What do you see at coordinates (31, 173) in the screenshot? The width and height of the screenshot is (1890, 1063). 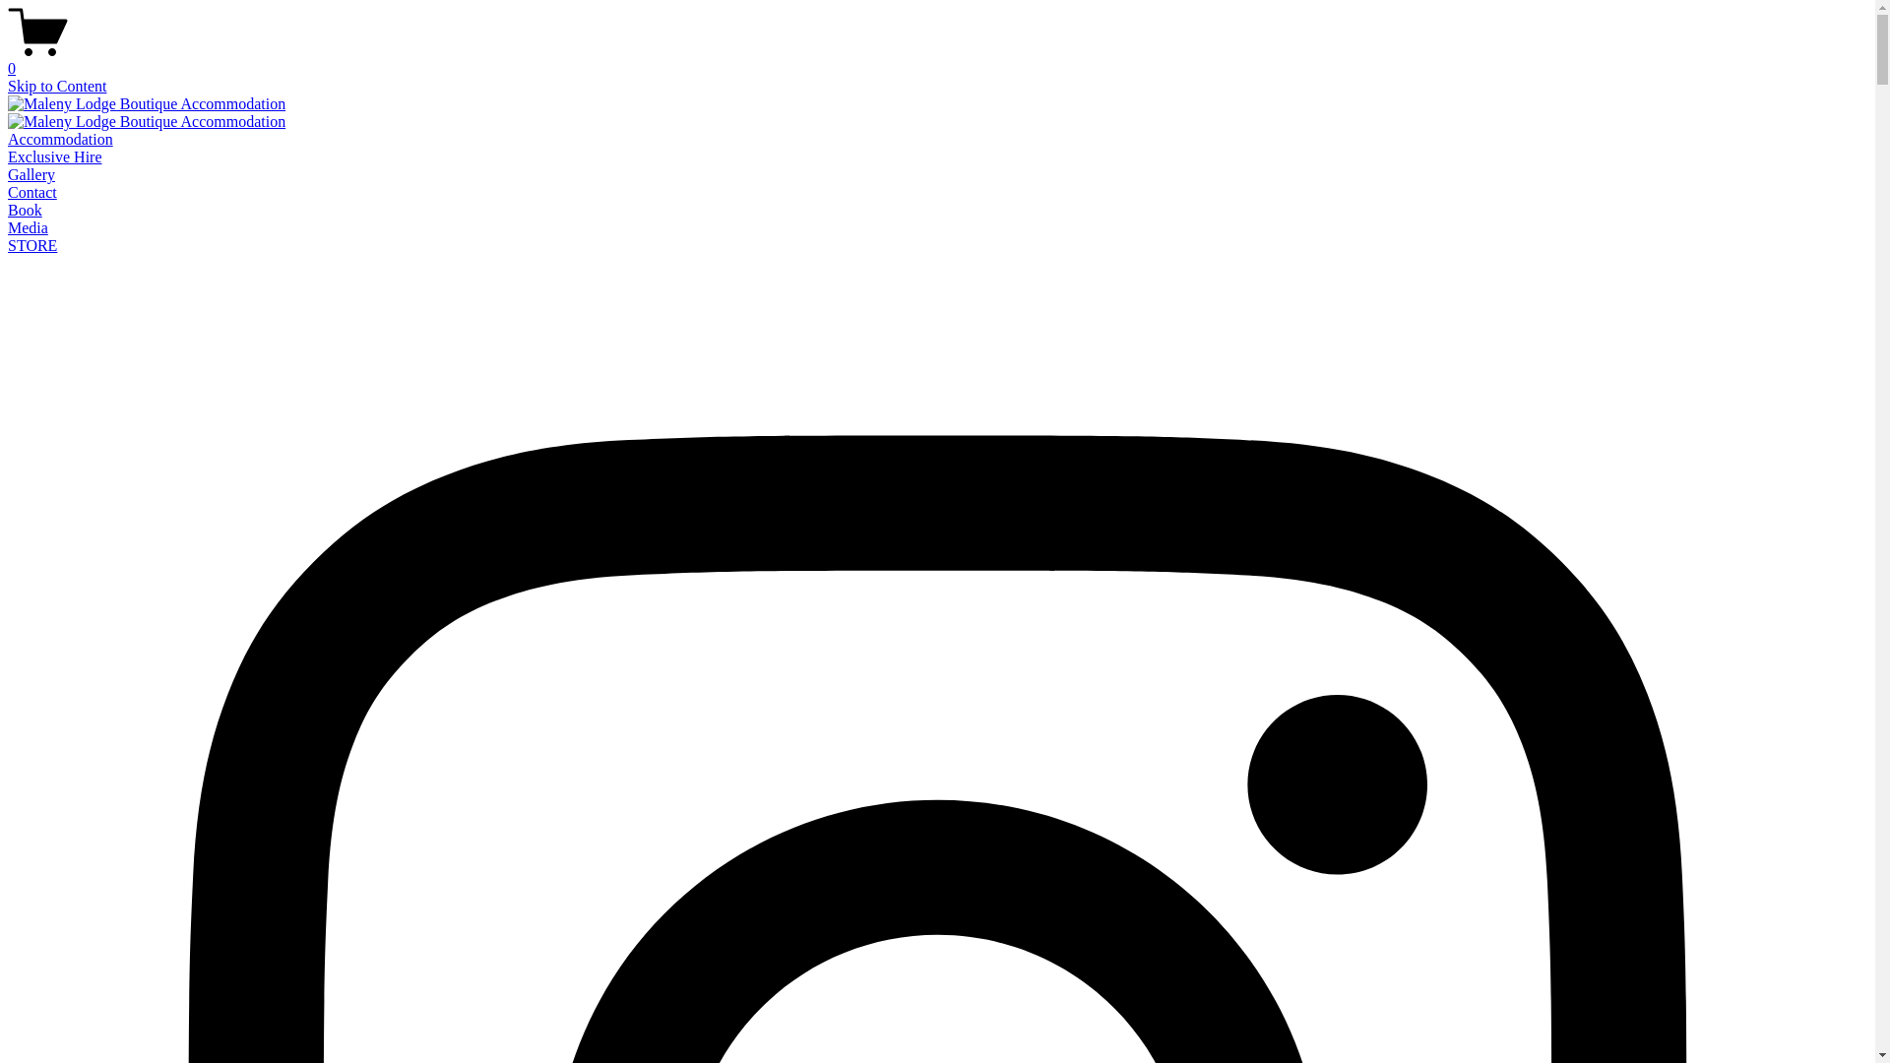 I see `'Gallery'` at bounding box center [31, 173].